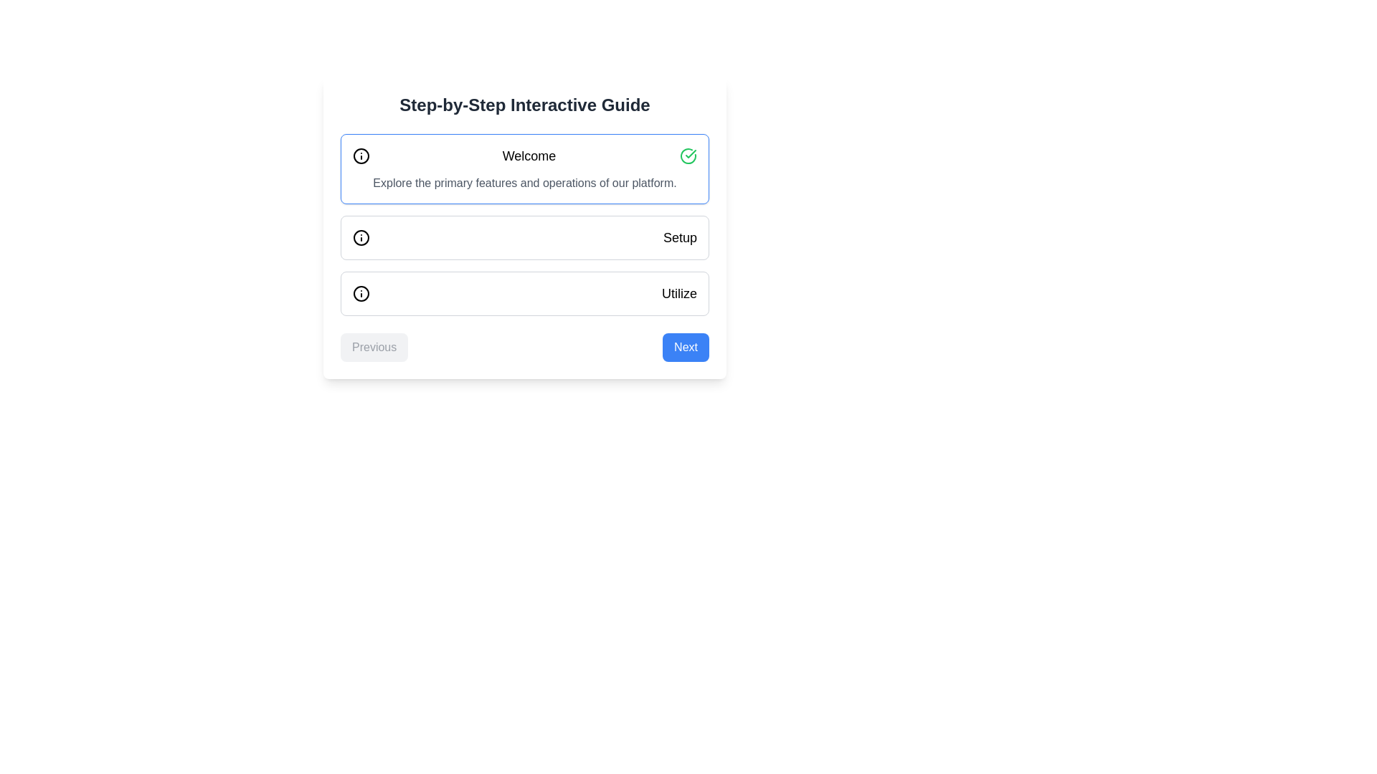  I want to click on the visual state of the confirmation icon located in the top-right corner of the 'Welcome' section of the interactive guide interface, so click(688, 156).